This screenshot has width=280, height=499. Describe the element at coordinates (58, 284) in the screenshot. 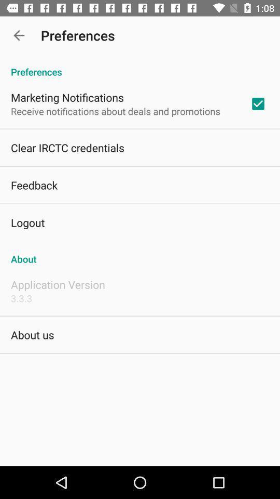

I see `item above the 3.3.3 item` at that location.